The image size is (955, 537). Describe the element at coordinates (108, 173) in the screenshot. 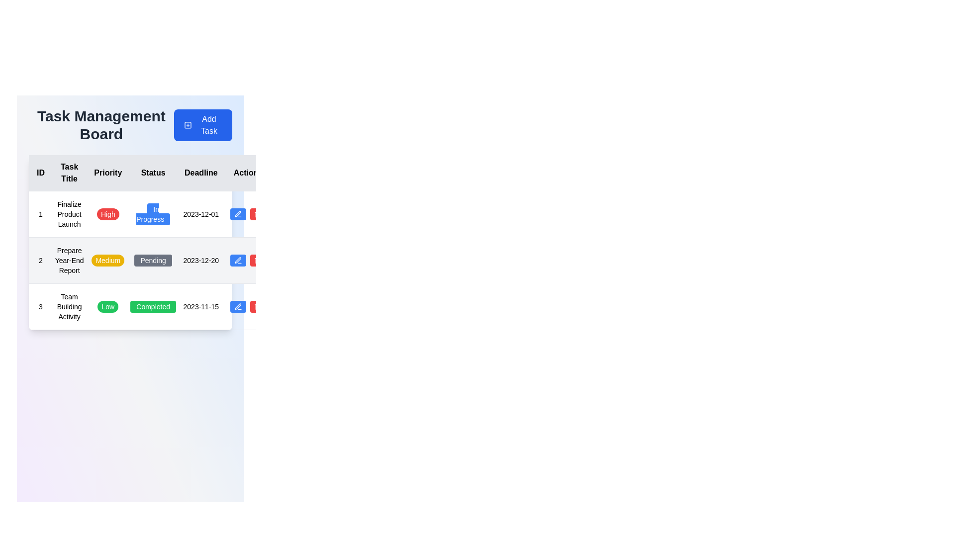

I see `the 'Priority' text label, which is the third cell in the table header, displayed in bold black text on a light gray background` at that location.